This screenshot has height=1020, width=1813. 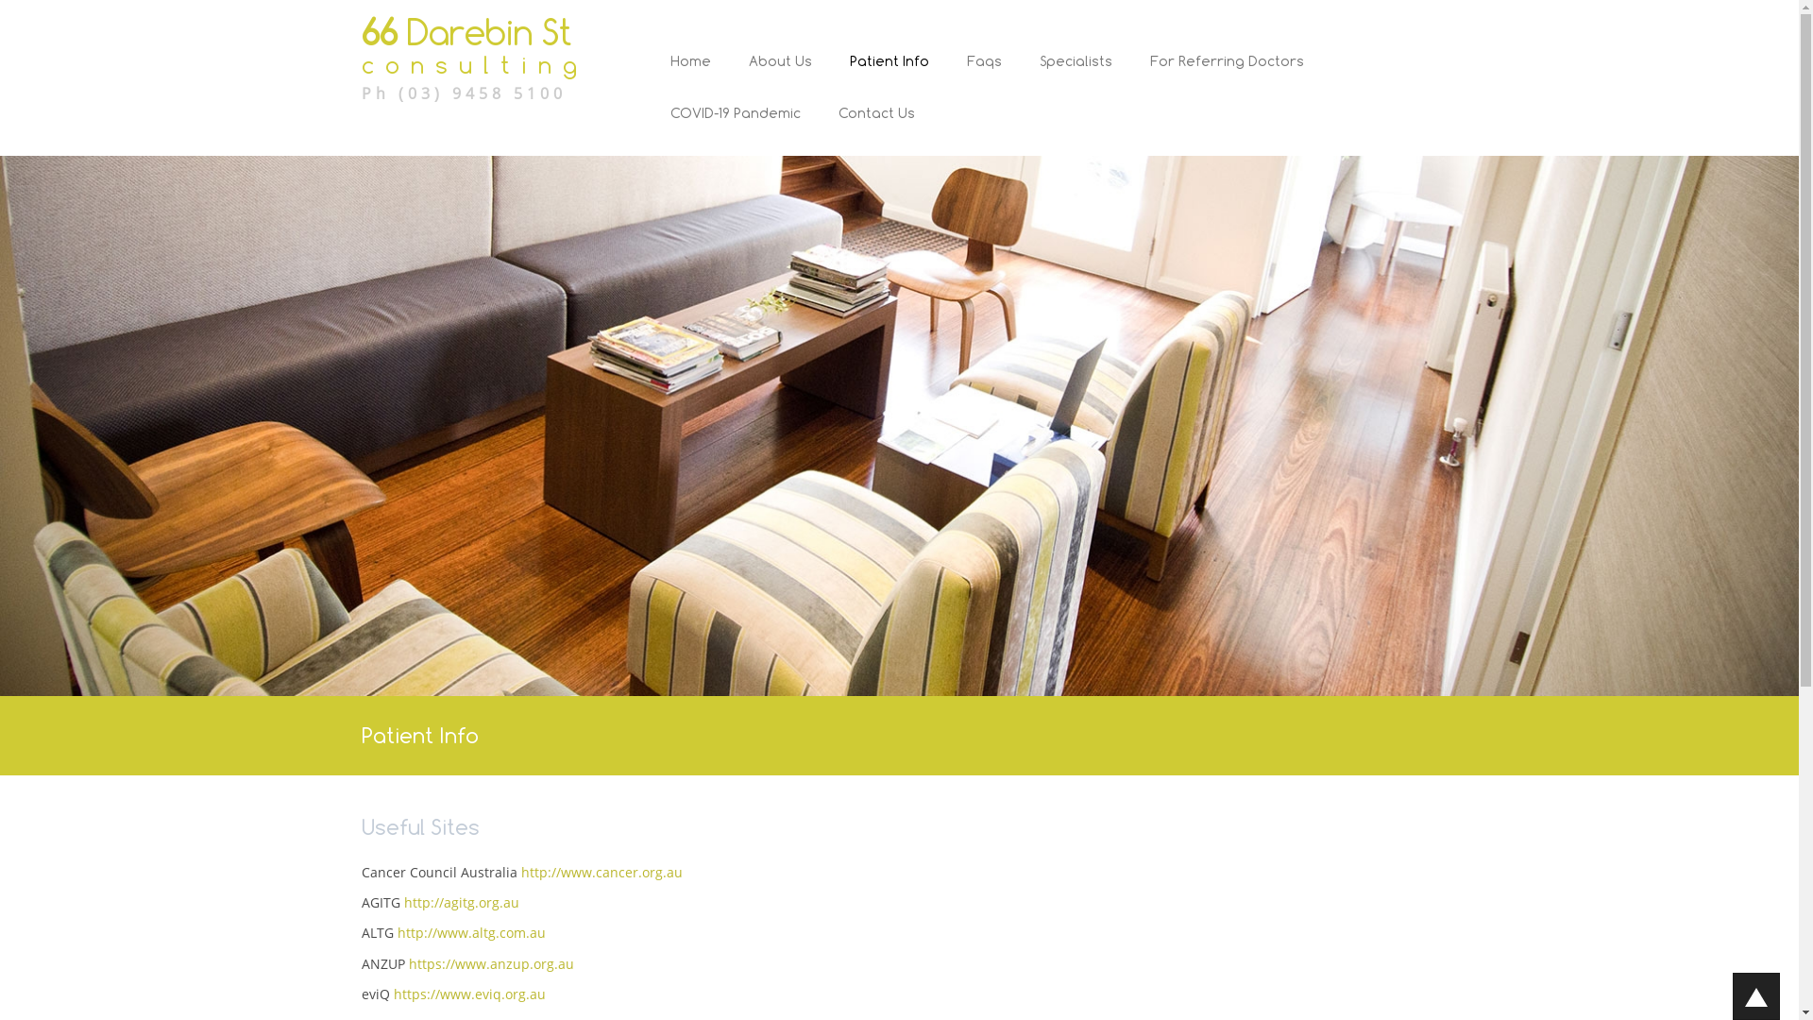 What do you see at coordinates (1227, 76) in the screenshot?
I see `'For Referring Doctors'` at bounding box center [1227, 76].